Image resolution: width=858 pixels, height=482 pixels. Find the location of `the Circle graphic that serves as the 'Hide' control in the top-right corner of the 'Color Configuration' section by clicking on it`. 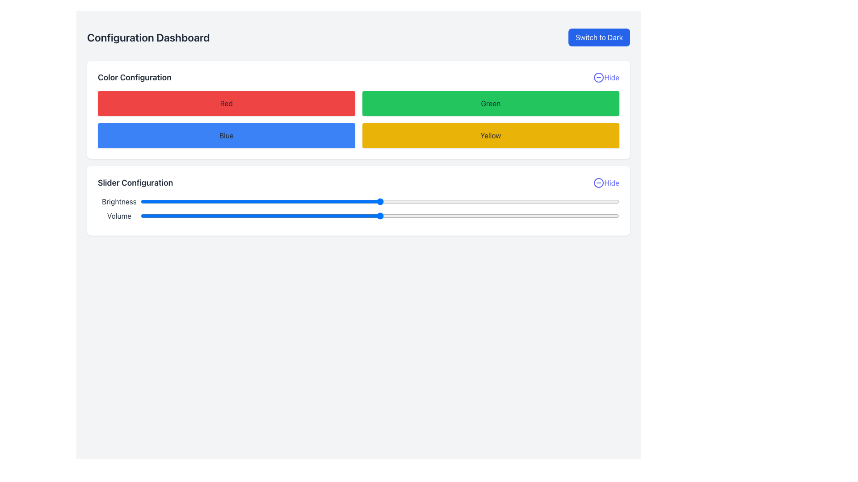

the Circle graphic that serves as the 'Hide' control in the top-right corner of the 'Color Configuration' section by clicking on it is located at coordinates (599, 77).